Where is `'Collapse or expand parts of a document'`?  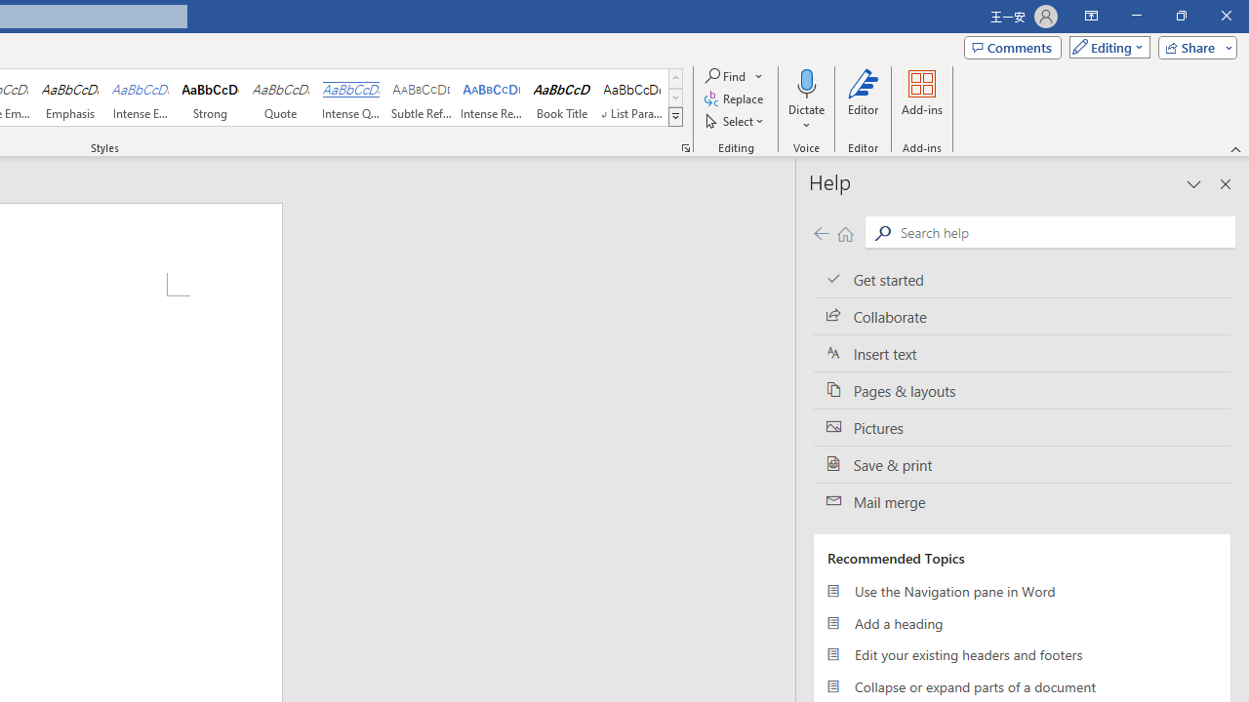 'Collapse or expand parts of a document' is located at coordinates (1021, 685).